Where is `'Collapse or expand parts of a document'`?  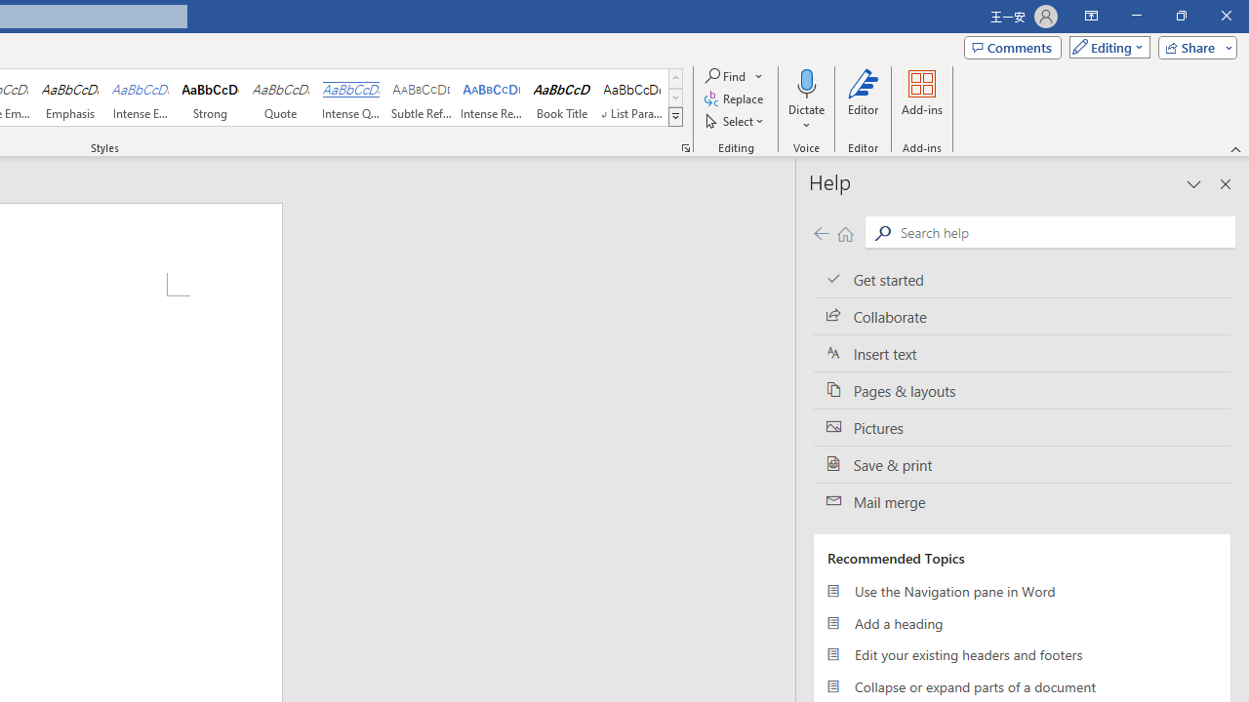 'Collapse or expand parts of a document' is located at coordinates (1021, 685).